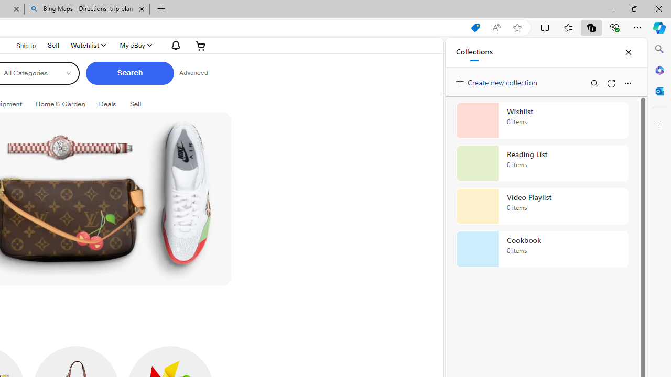 Image resolution: width=671 pixels, height=377 pixels. Describe the element at coordinates (627, 83) in the screenshot. I see `'More options menu'` at that location.